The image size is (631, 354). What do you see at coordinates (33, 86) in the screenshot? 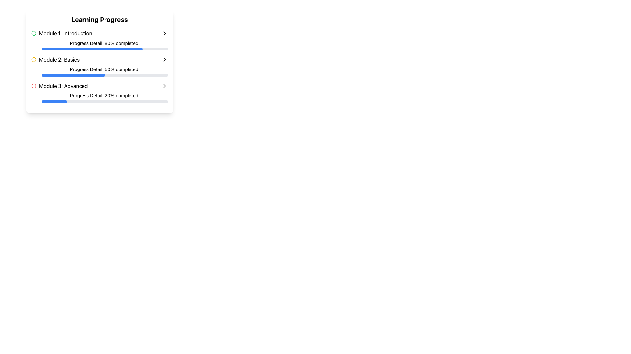
I see `the icon that indicates the status or type of the 'Module 3: Advanced' entry, located to the left of the text 'Module 3: Advanced'` at bounding box center [33, 86].